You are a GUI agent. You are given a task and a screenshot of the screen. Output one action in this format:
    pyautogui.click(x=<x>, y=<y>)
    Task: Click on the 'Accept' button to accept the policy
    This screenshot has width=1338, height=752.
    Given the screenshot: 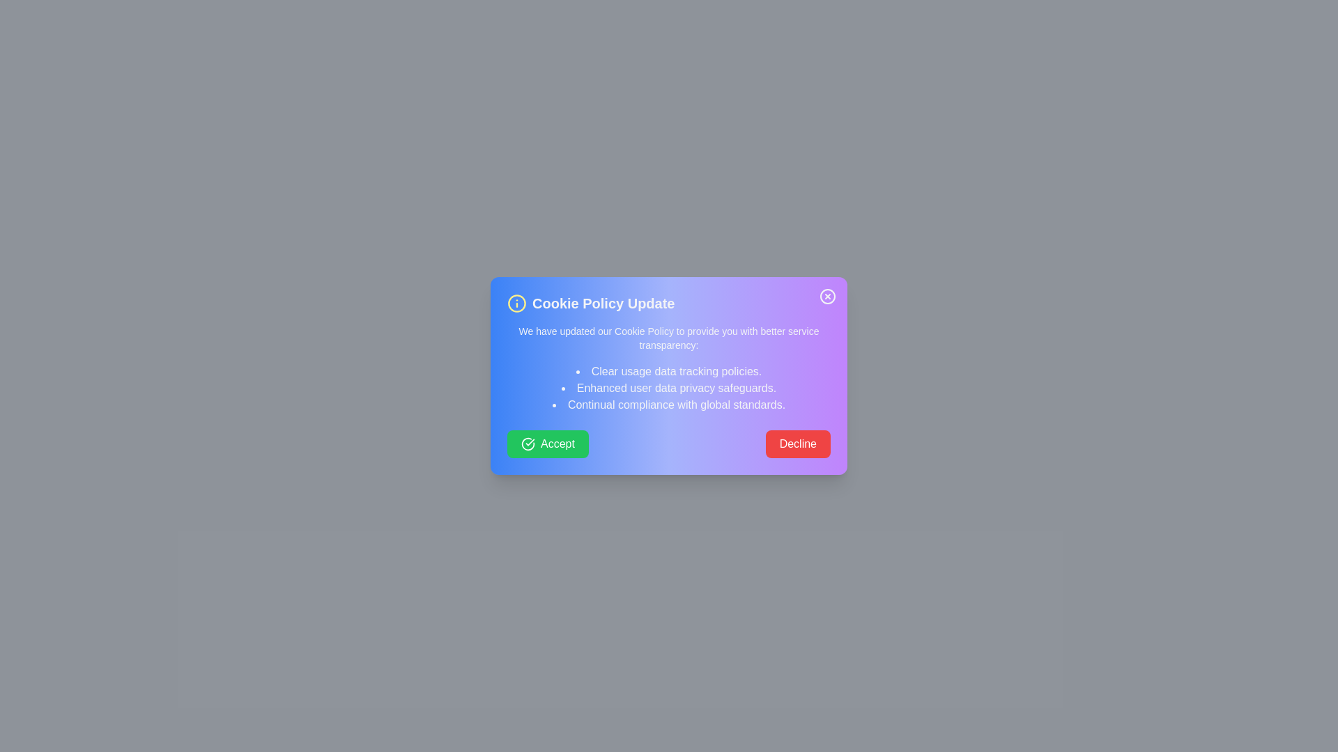 What is the action you would take?
    pyautogui.click(x=547, y=444)
    